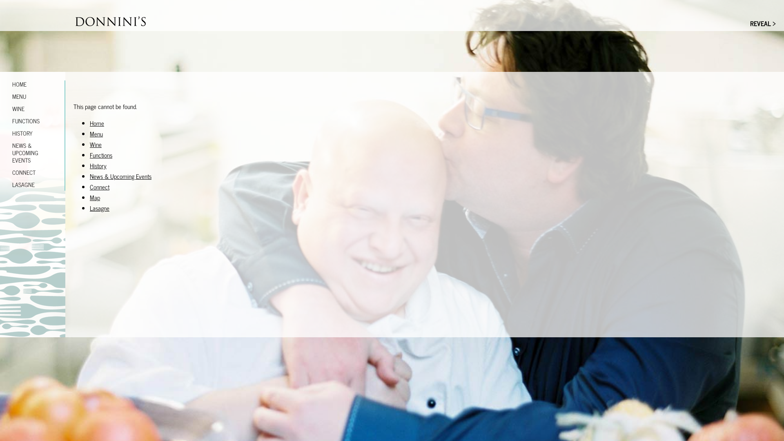 This screenshot has width=784, height=441. I want to click on 'Menu', so click(96, 133).